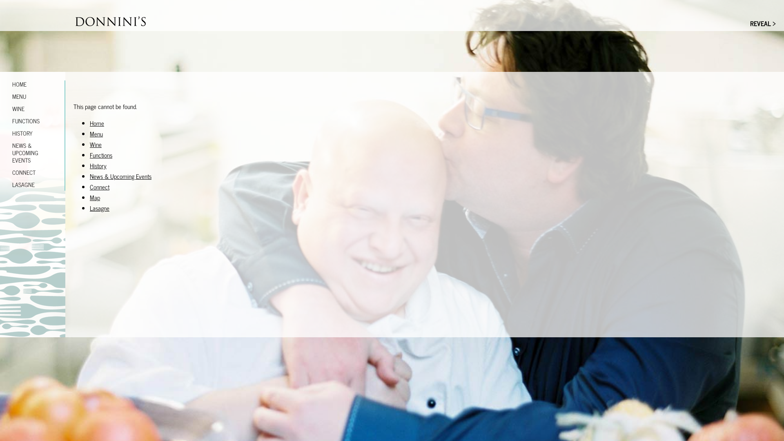 This screenshot has width=784, height=441. I want to click on 'Menu', so click(96, 133).